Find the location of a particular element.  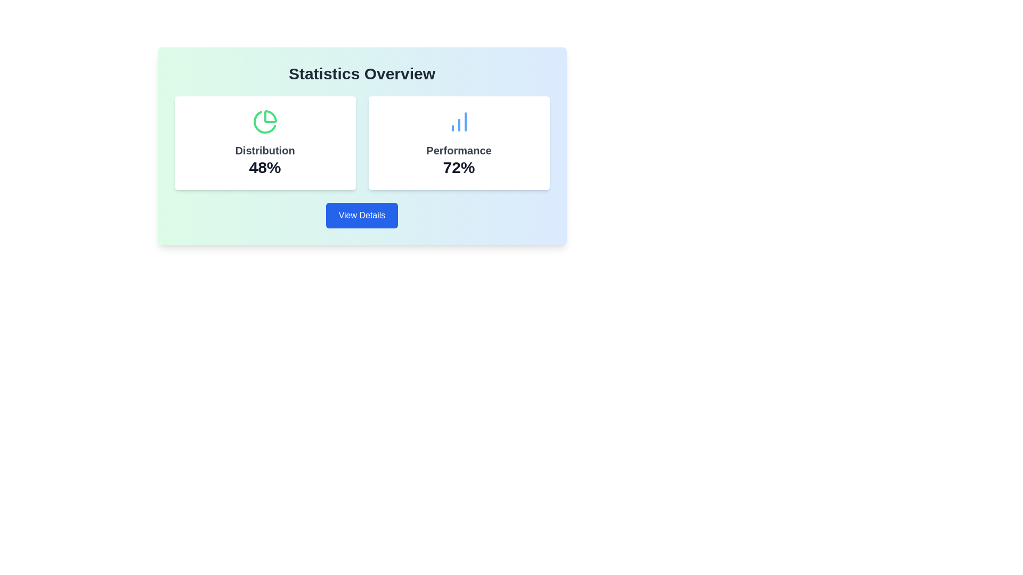

the top-right segment of the green pie chart located in the statistics overview section above the 'Distribution' label is located at coordinates (270, 117).